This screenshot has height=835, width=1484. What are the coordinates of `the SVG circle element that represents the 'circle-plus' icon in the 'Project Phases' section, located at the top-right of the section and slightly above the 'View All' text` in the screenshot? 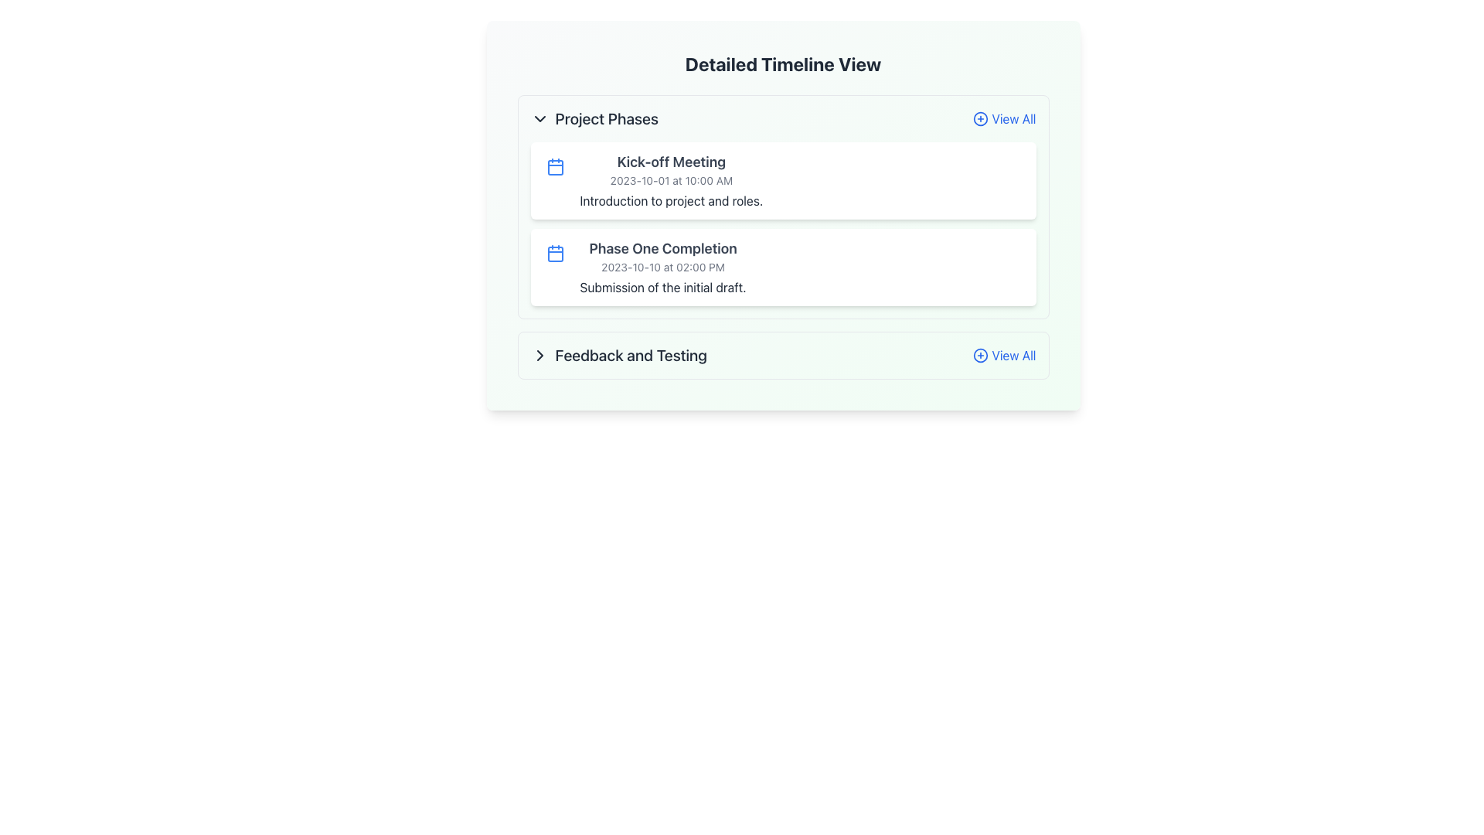 It's located at (980, 118).